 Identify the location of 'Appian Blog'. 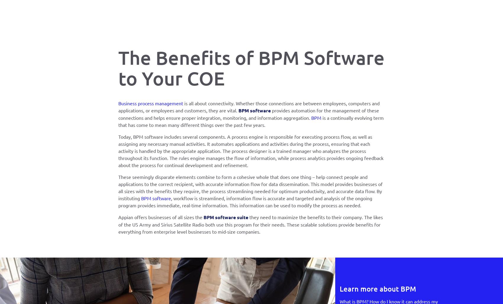
(262, 118).